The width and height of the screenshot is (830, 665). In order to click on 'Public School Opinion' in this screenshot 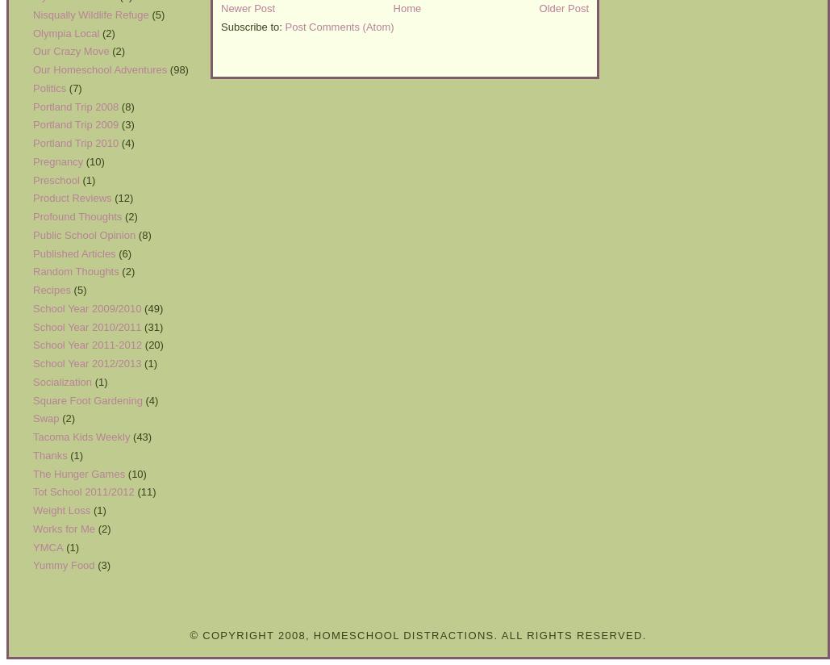, I will do `click(32, 233)`.